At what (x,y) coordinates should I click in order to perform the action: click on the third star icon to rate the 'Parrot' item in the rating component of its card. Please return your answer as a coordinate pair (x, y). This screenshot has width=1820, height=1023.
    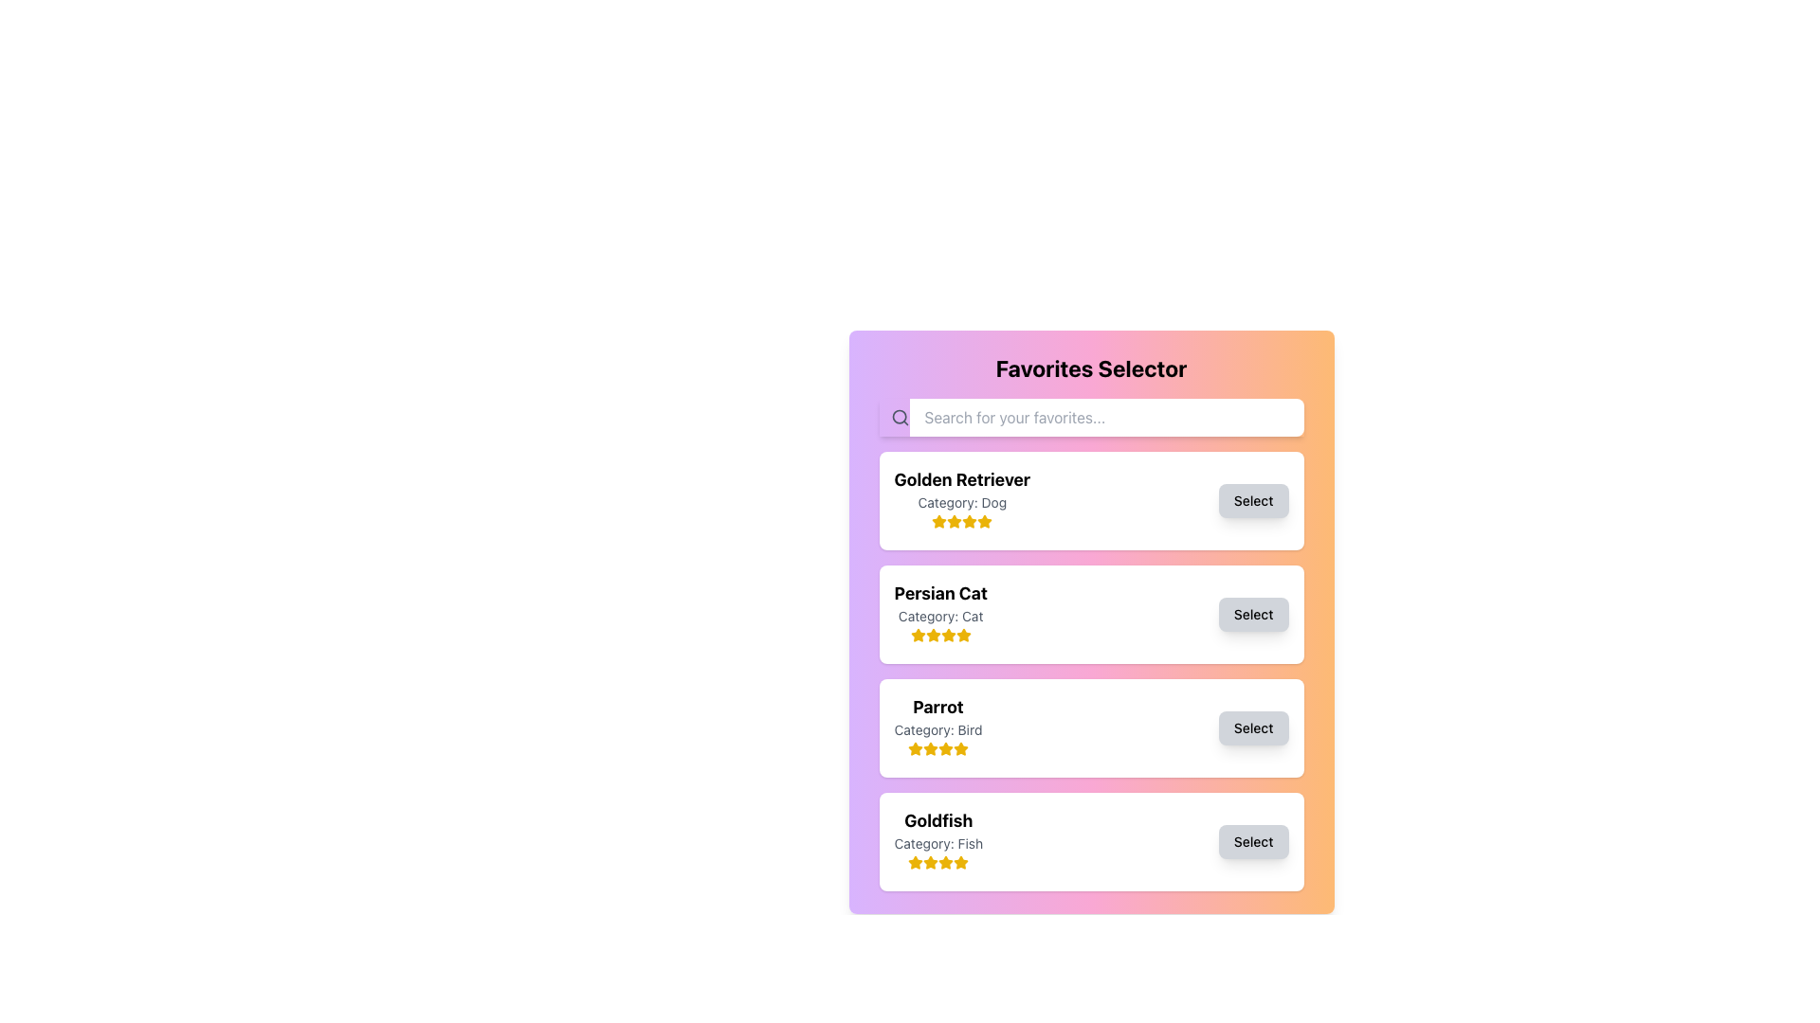
    Looking at the image, I should click on (960, 747).